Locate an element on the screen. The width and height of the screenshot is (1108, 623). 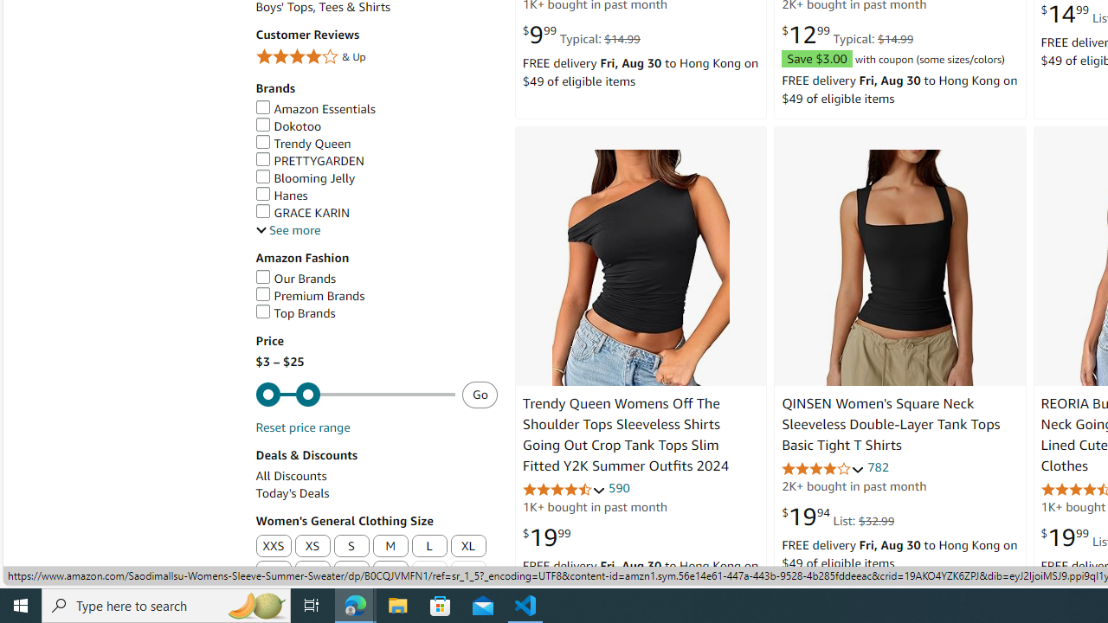
'XXS' is located at coordinates (273, 547).